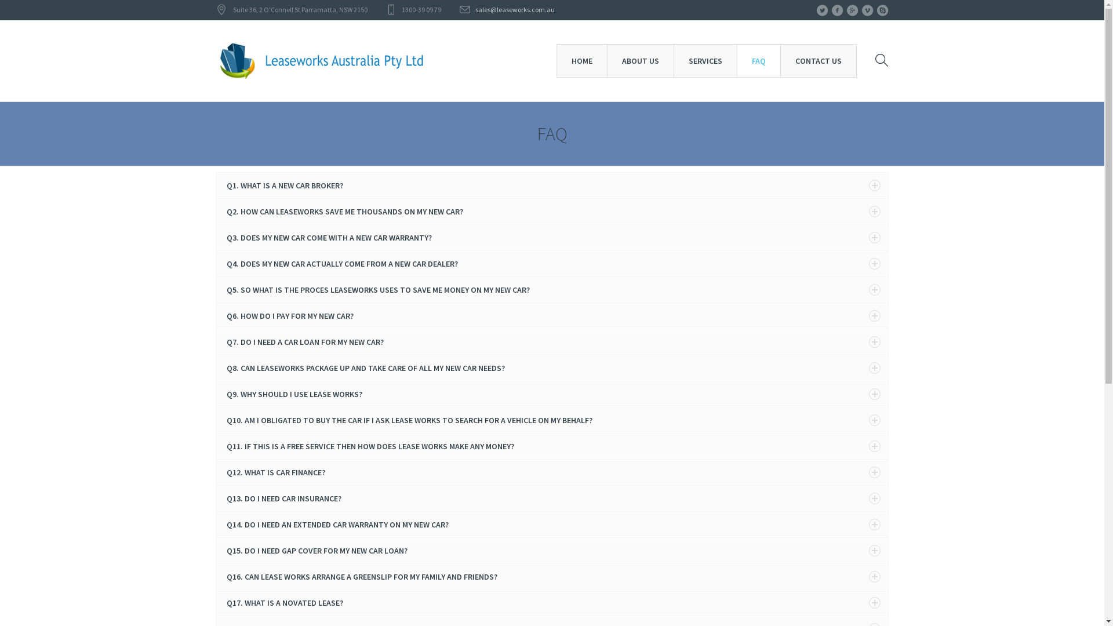  I want to click on 'Skype', so click(881, 10).